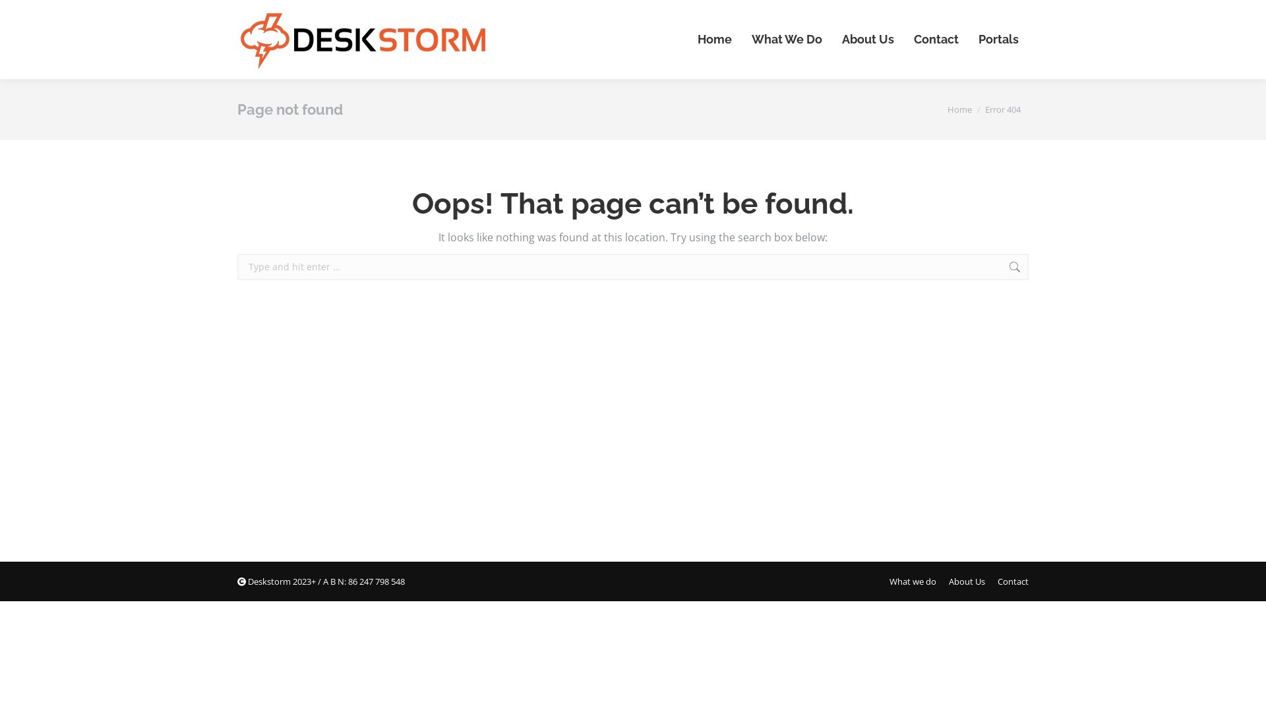  Describe the element at coordinates (959, 108) in the screenshot. I see `'Home'` at that location.